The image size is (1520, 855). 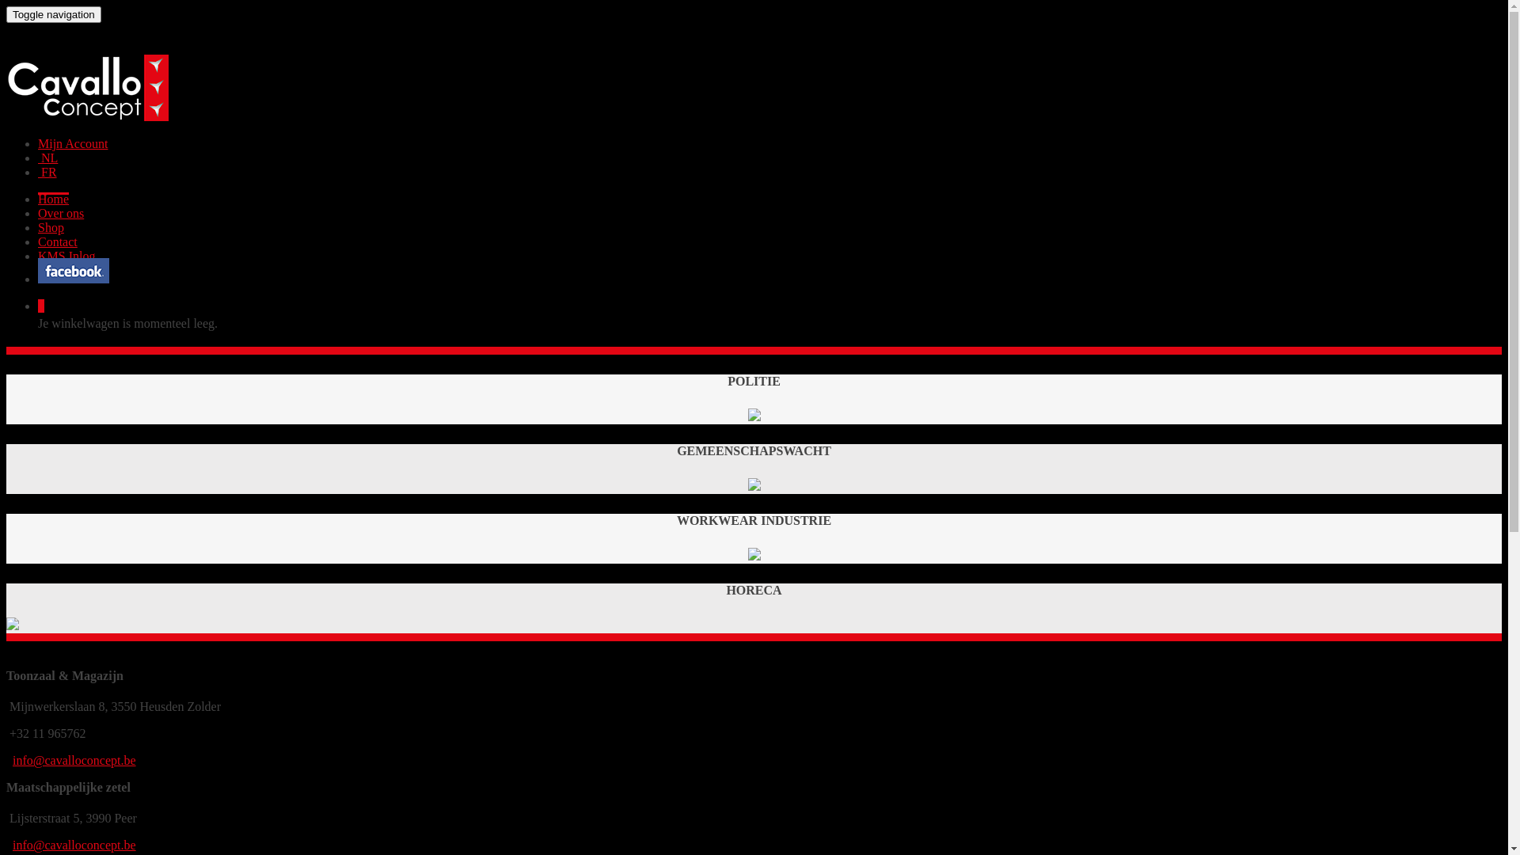 I want to click on 'Home', so click(x=38, y=198).